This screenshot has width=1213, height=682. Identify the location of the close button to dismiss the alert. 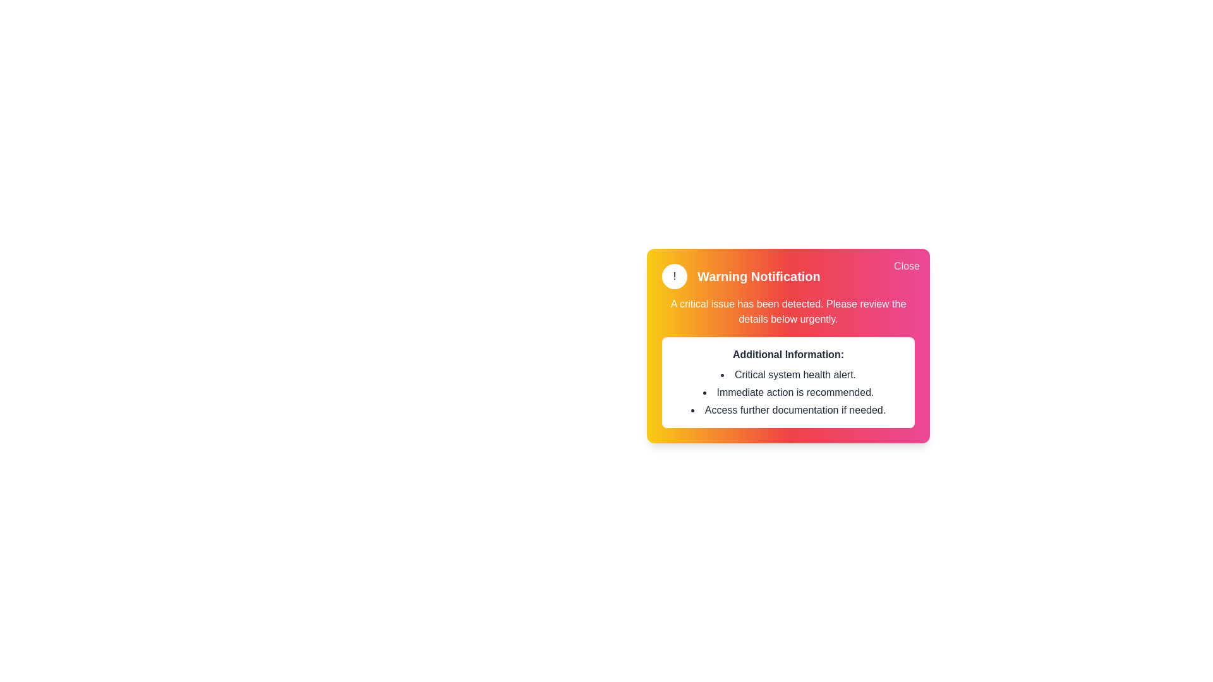
(906, 265).